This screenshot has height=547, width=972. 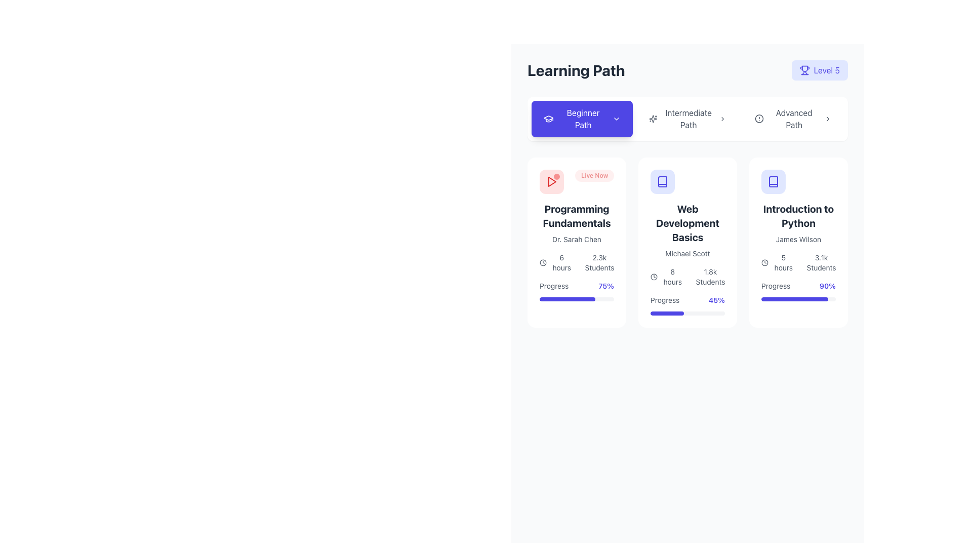 What do you see at coordinates (827, 69) in the screenshot?
I see `the Text label indicating the level status, which shows 'Level 5' near the top-right corner of the layout` at bounding box center [827, 69].